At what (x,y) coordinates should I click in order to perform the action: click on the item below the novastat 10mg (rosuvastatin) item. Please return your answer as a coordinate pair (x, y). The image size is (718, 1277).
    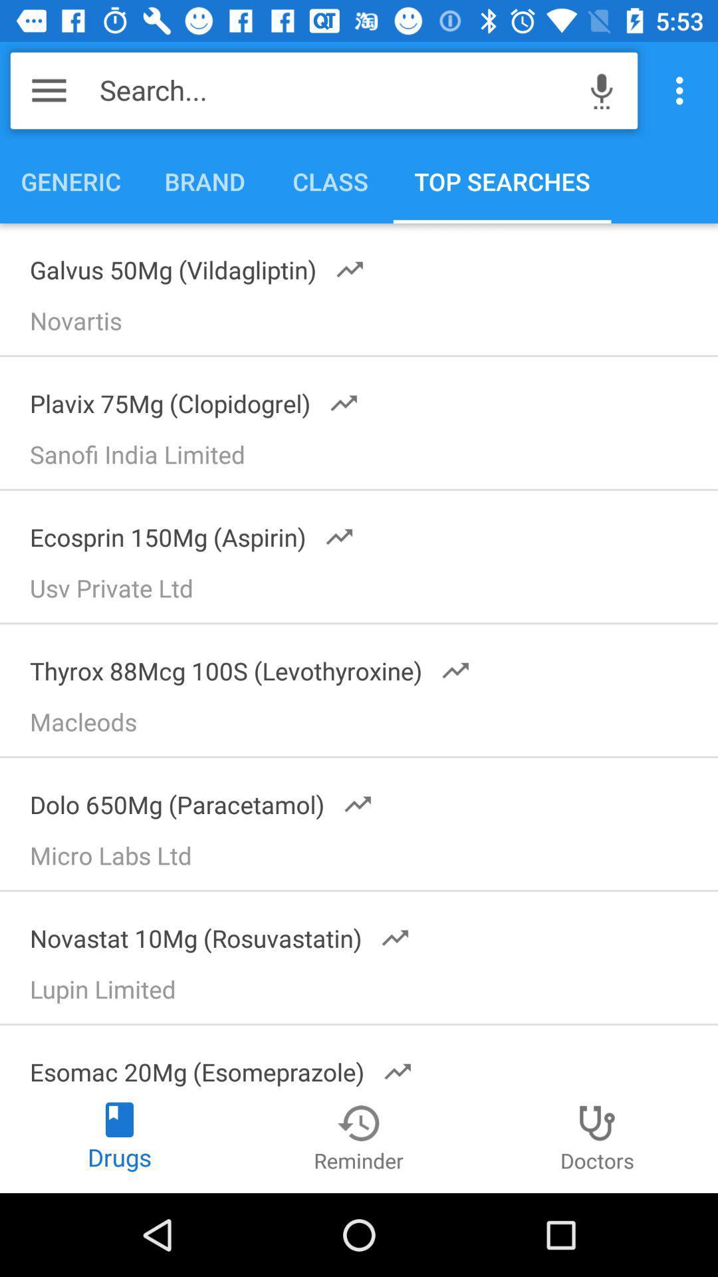
    Looking at the image, I should click on (365, 993).